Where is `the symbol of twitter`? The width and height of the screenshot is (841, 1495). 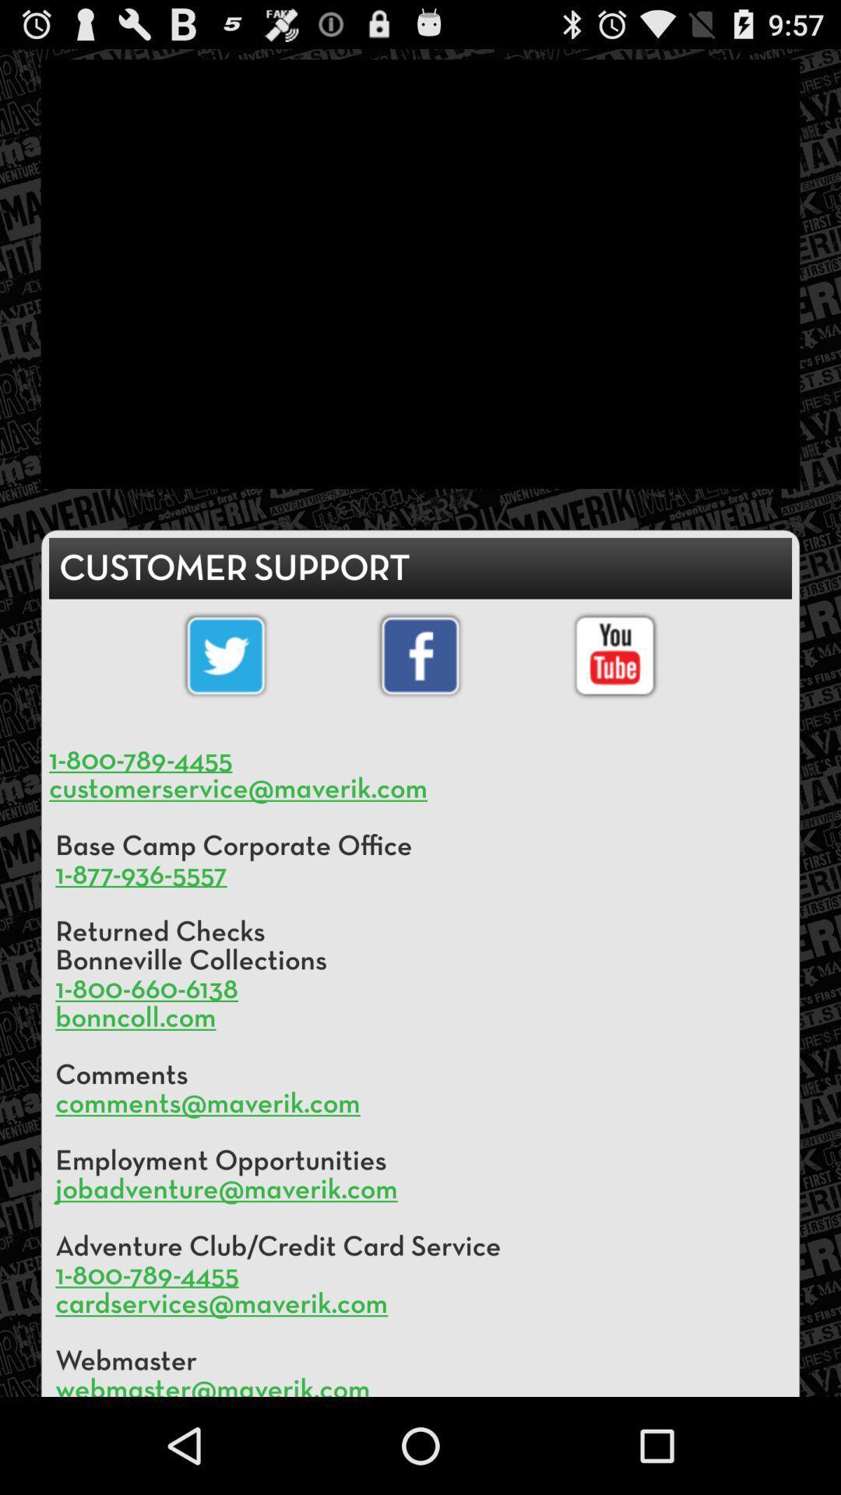
the symbol of twitter is located at coordinates (226, 656).